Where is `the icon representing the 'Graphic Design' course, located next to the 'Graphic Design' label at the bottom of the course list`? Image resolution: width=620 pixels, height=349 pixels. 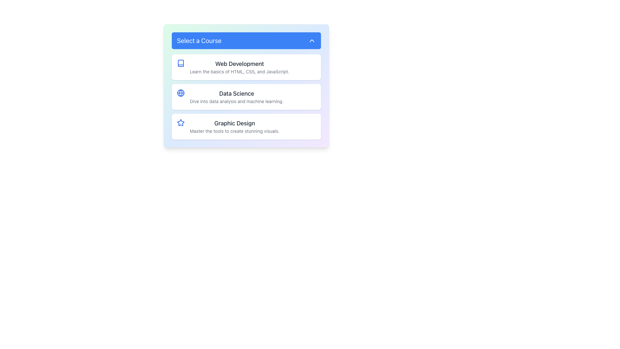
the icon representing the 'Graphic Design' course, located next to the 'Graphic Design' label at the bottom of the course list is located at coordinates (181, 122).